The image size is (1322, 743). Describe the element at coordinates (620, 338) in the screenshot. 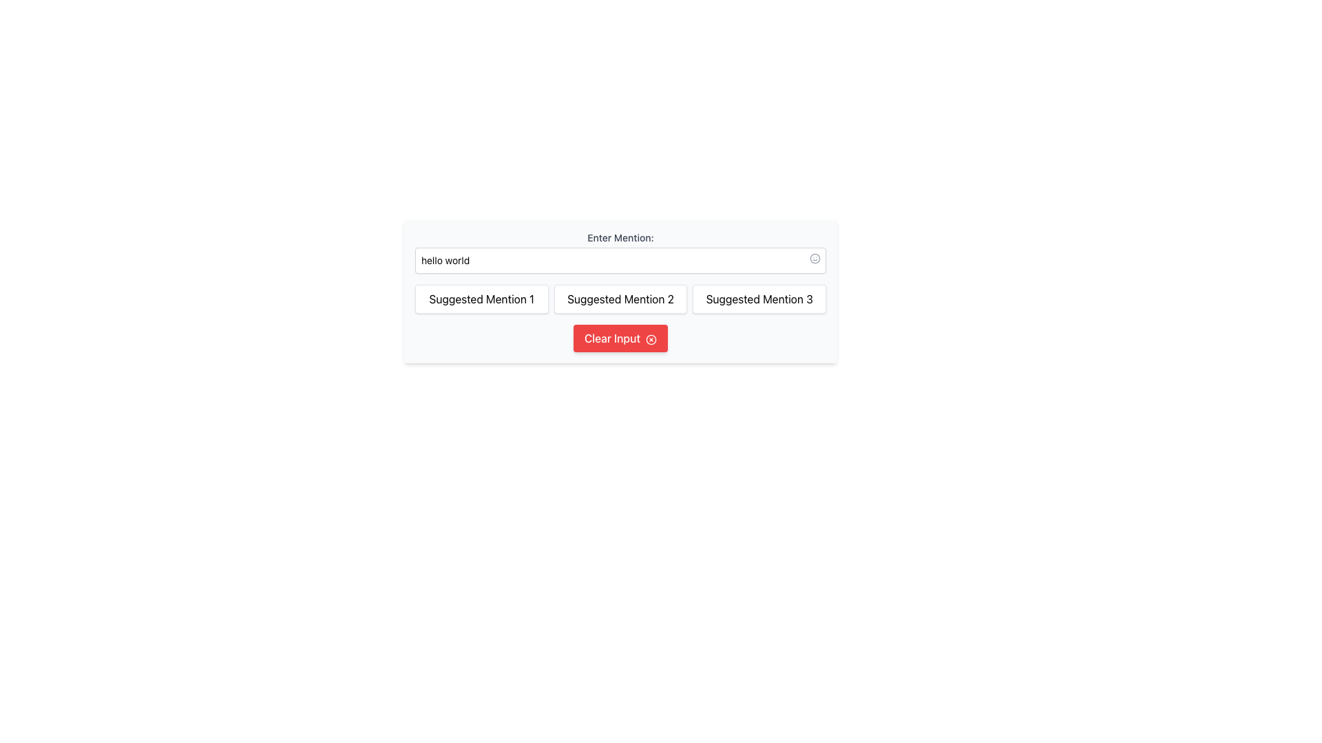

I see `the rectangular button with a red background and white text reading 'Clear Input', which is located at the bottom of a form section and shows hover effects` at that location.